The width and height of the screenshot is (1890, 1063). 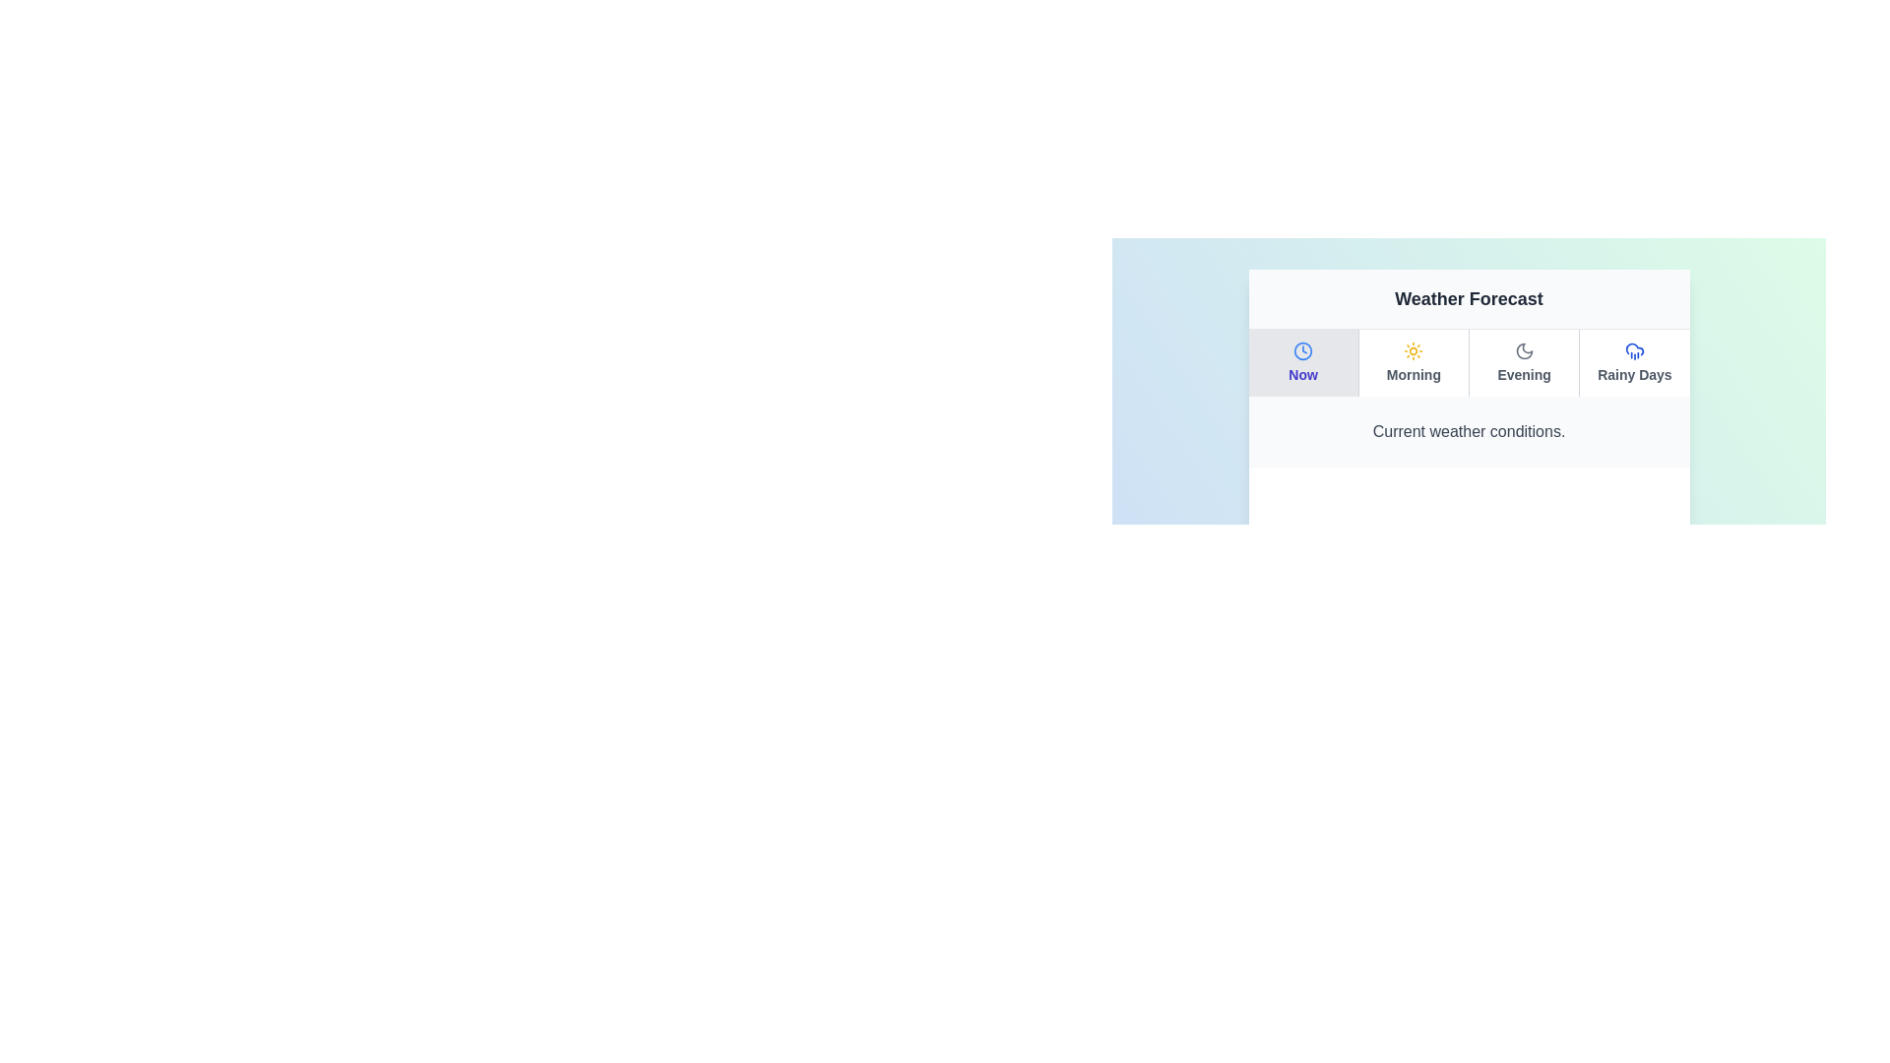 What do you see at coordinates (1413, 363) in the screenshot?
I see `the 'Morning' button in the weather forecast toolbar` at bounding box center [1413, 363].